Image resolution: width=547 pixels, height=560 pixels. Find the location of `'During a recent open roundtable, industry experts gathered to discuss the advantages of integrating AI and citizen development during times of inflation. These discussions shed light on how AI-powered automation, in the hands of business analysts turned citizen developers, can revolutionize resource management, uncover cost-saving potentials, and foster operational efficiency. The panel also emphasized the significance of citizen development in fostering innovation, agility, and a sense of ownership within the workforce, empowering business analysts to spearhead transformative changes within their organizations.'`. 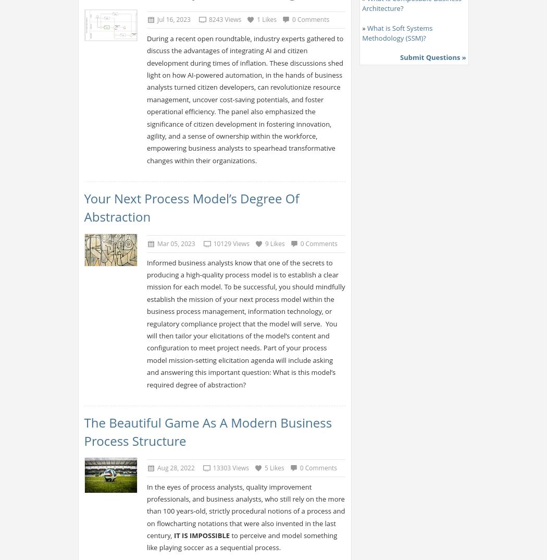

'During a recent open roundtable, industry experts gathered to discuss the advantages of integrating AI and citizen development during times of inflation. These discussions shed light on how AI-powered automation, in the hands of business analysts turned citizen developers, can revolutionize resource management, uncover cost-saving potentials, and foster operational efficiency. The panel also emphasized the significance of citizen development in fostering innovation, agility, and a sense of ownership within the workforce, empowering business analysts to spearhead transformative changes within their organizations.' is located at coordinates (244, 99).